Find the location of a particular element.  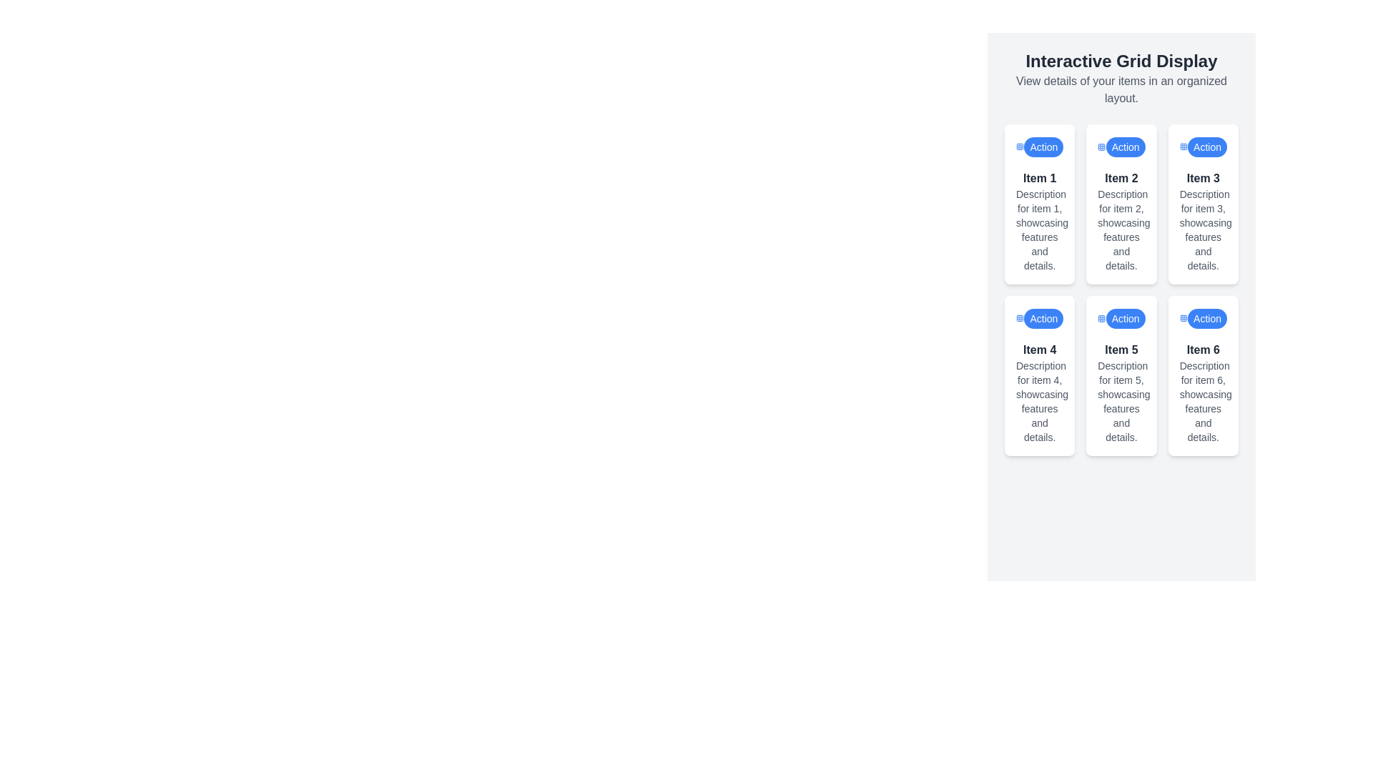

the interactive button located in the top-right corner of the card labeled 'Item 6' is located at coordinates (1202, 318).